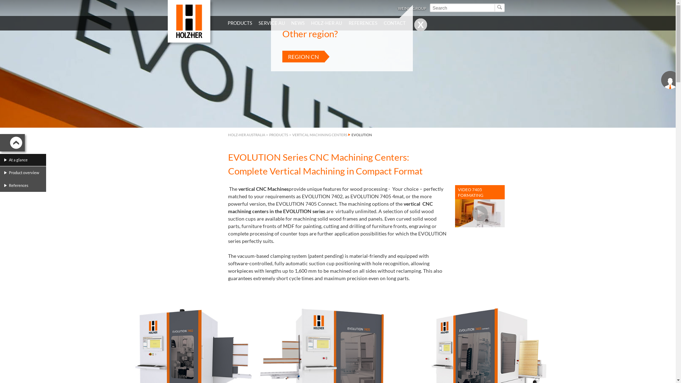 This screenshot has height=383, width=681. Describe the element at coordinates (167, 21) in the screenshot. I see `'zur Startseite der Michael Weinig AG'` at that location.